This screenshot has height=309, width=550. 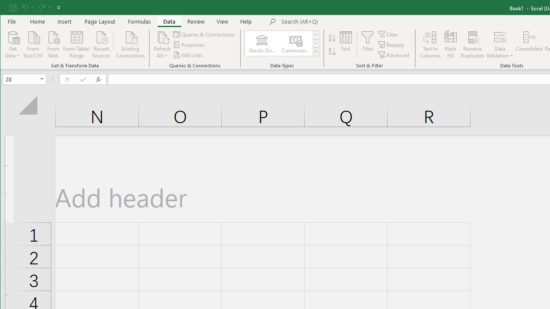 What do you see at coordinates (64, 21) in the screenshot?
I see `'Insert'` at bounding box center [64, 21].